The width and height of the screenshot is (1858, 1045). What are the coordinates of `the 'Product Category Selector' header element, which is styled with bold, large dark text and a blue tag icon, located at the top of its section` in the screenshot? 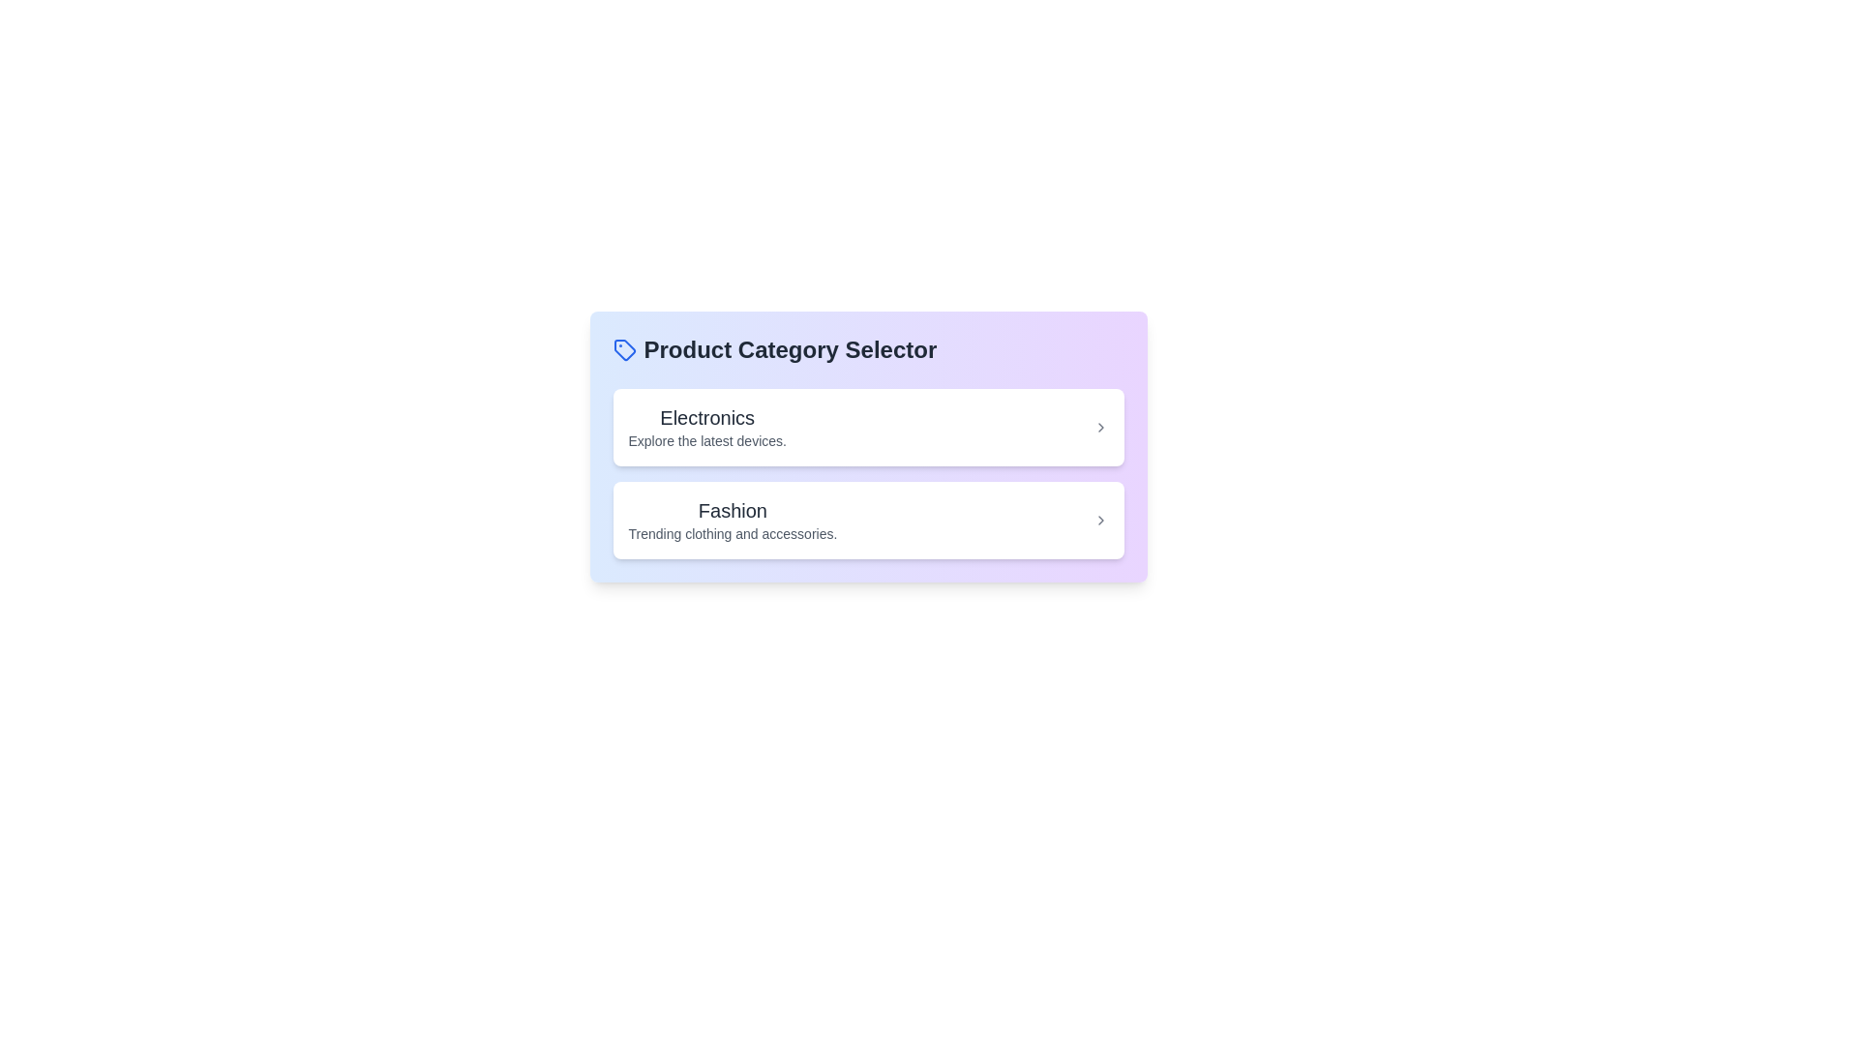 It's located at (867, 350).